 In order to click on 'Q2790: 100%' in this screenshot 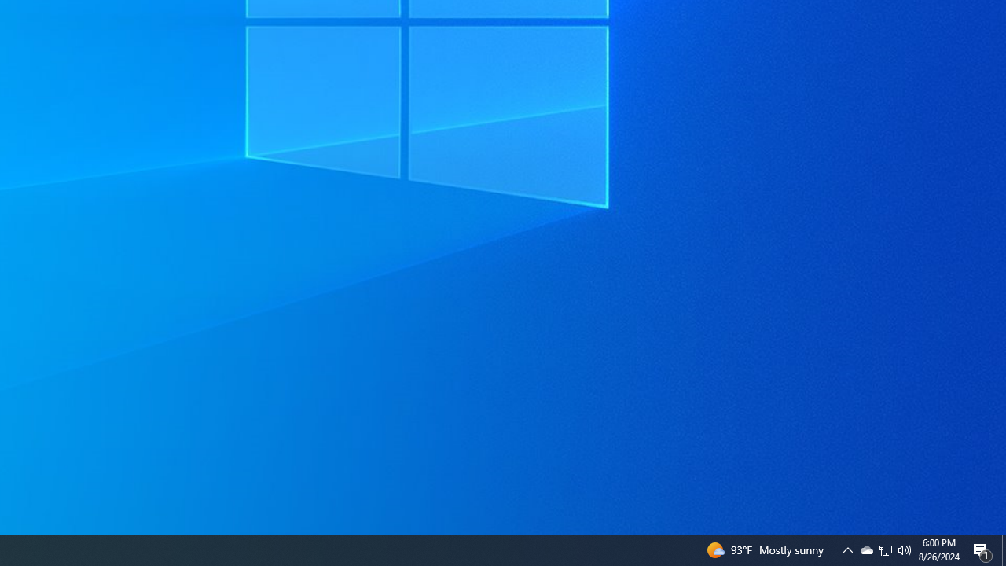, I will do `click(905, 549)`.